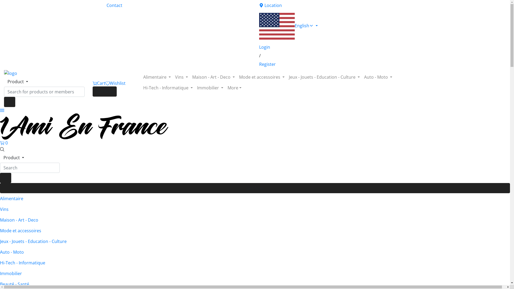 This screenshot has width=514, height=289. What do you see at coordinates (255, 252) in the screenshot?
I see `'Auto - Moto'` at bounding box center [255, 252].